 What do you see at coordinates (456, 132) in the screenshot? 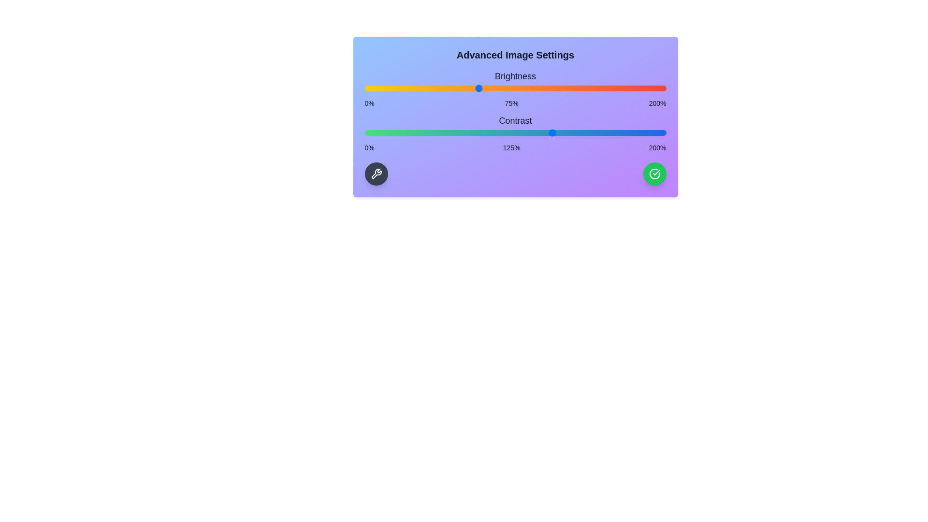
I see `the contrast slider to 61%` at bounding box center [456, 132].